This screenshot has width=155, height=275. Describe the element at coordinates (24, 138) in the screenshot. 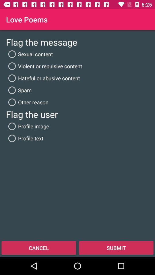

I see `the profile text` at that location.